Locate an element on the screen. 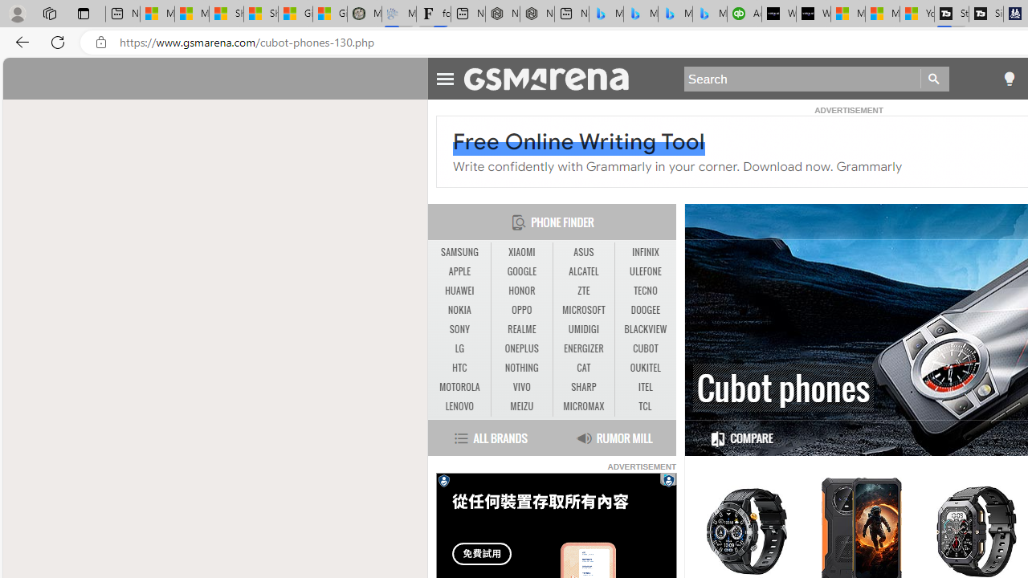  'SHARP' is located at coordinates (583, 387).